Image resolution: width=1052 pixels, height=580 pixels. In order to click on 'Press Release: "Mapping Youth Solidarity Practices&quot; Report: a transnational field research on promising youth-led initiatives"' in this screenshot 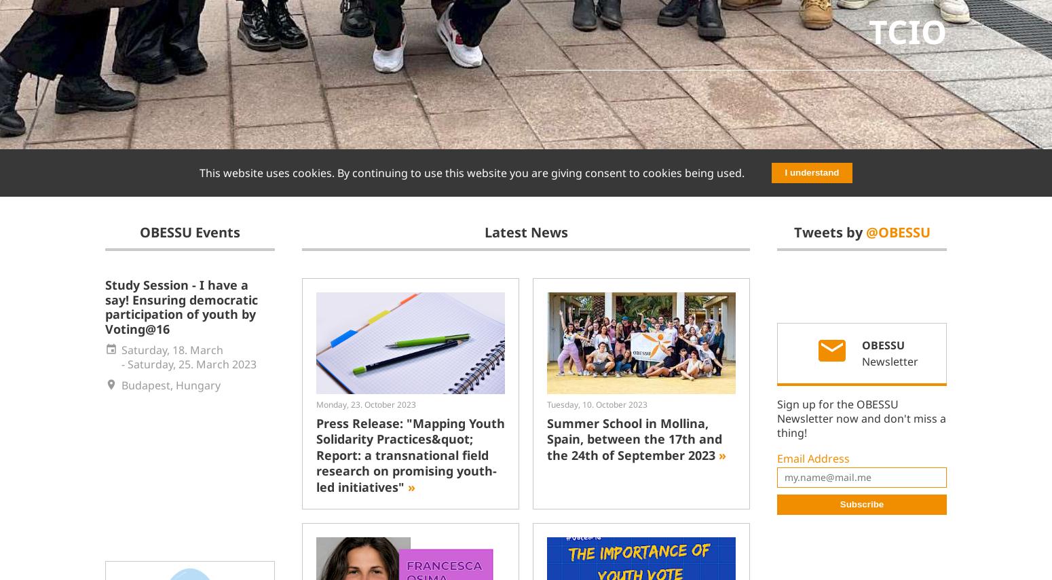, I will do `click(410, 455)`.